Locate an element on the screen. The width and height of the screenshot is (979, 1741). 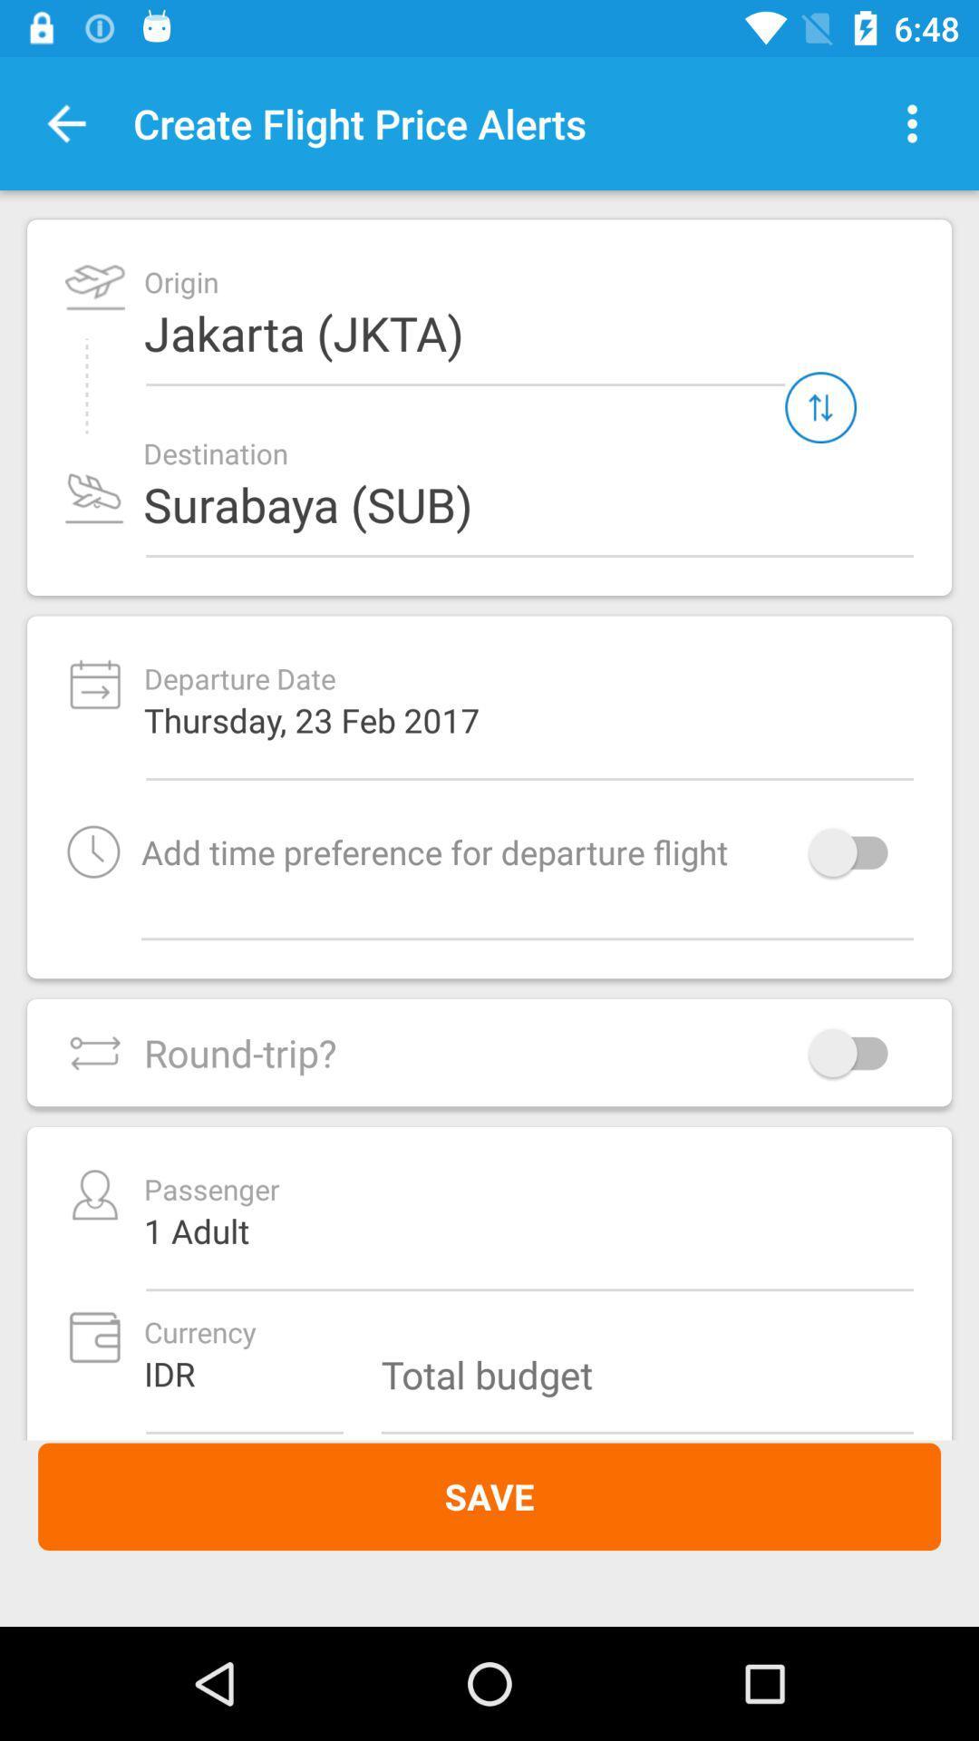
more options button is located at coordinates (912, 122).